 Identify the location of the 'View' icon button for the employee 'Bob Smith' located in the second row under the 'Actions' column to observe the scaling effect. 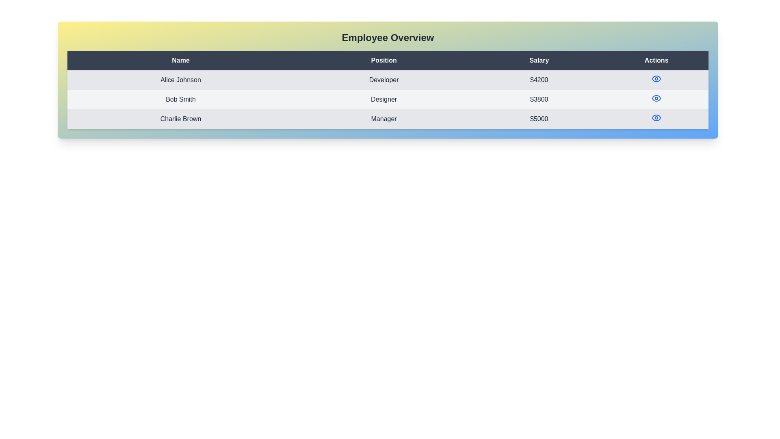
(656, 98).